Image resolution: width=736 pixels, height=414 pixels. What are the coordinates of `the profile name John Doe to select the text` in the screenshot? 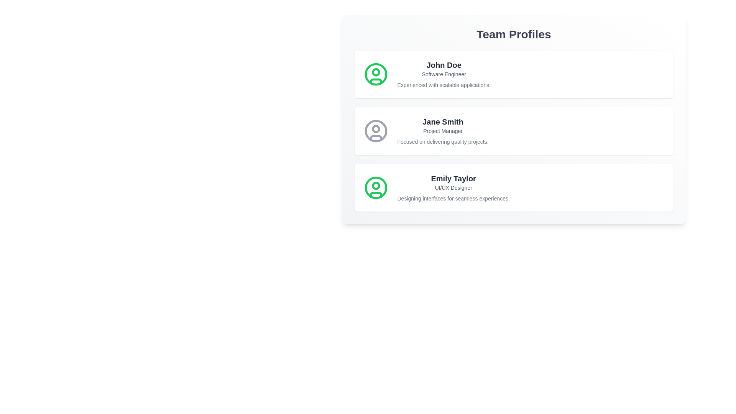 It's located at (444, 64).